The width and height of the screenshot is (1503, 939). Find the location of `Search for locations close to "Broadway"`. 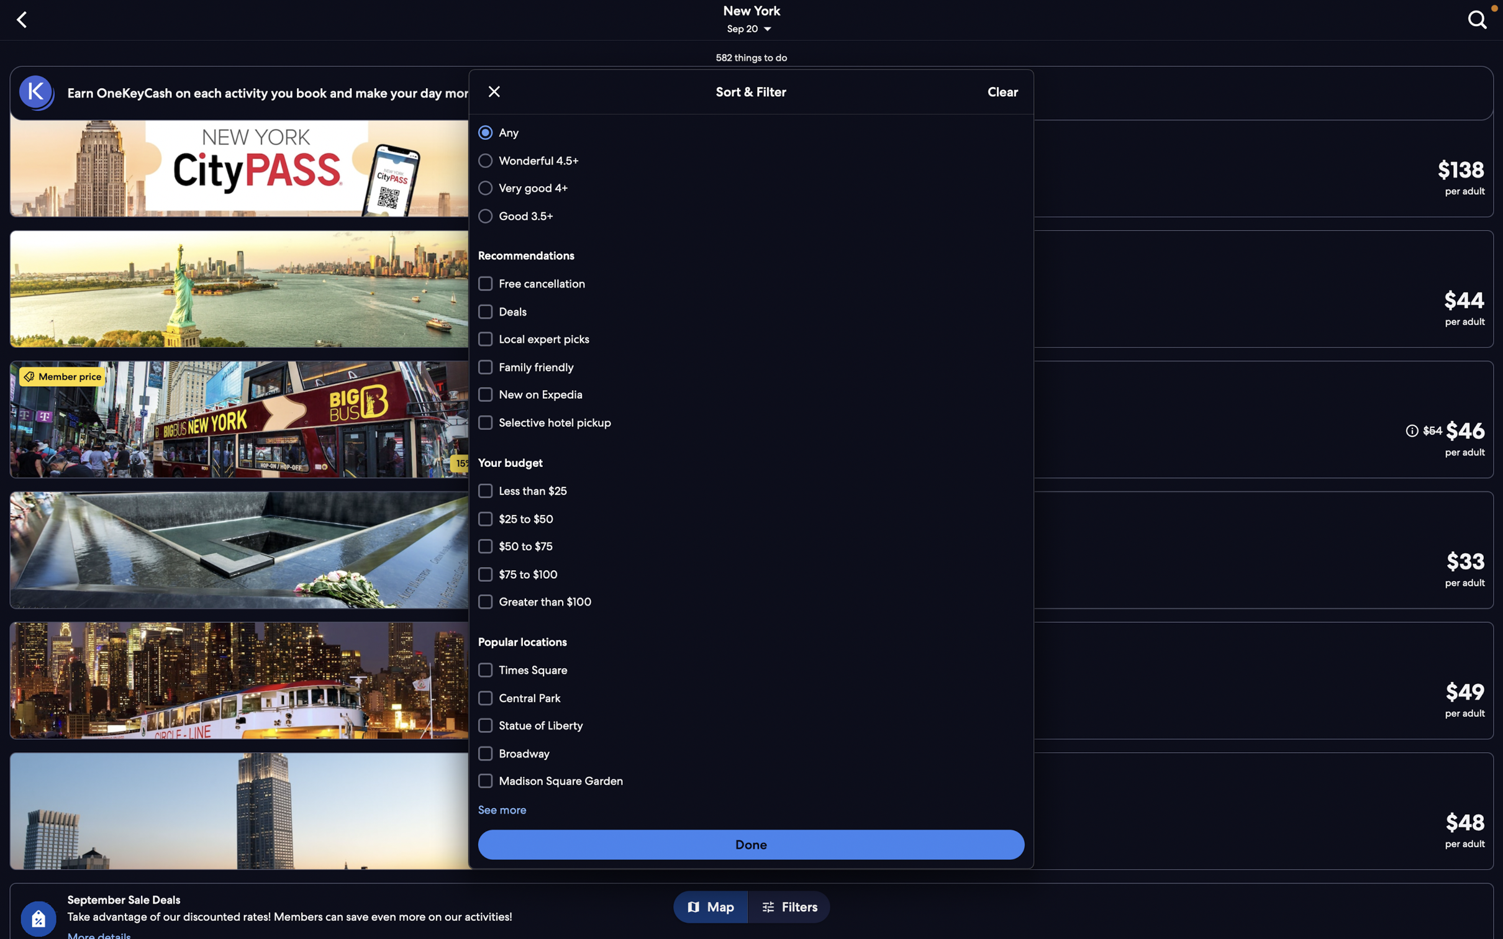

Search for locations close to "Broadway" is located at coordinates (753, 779).